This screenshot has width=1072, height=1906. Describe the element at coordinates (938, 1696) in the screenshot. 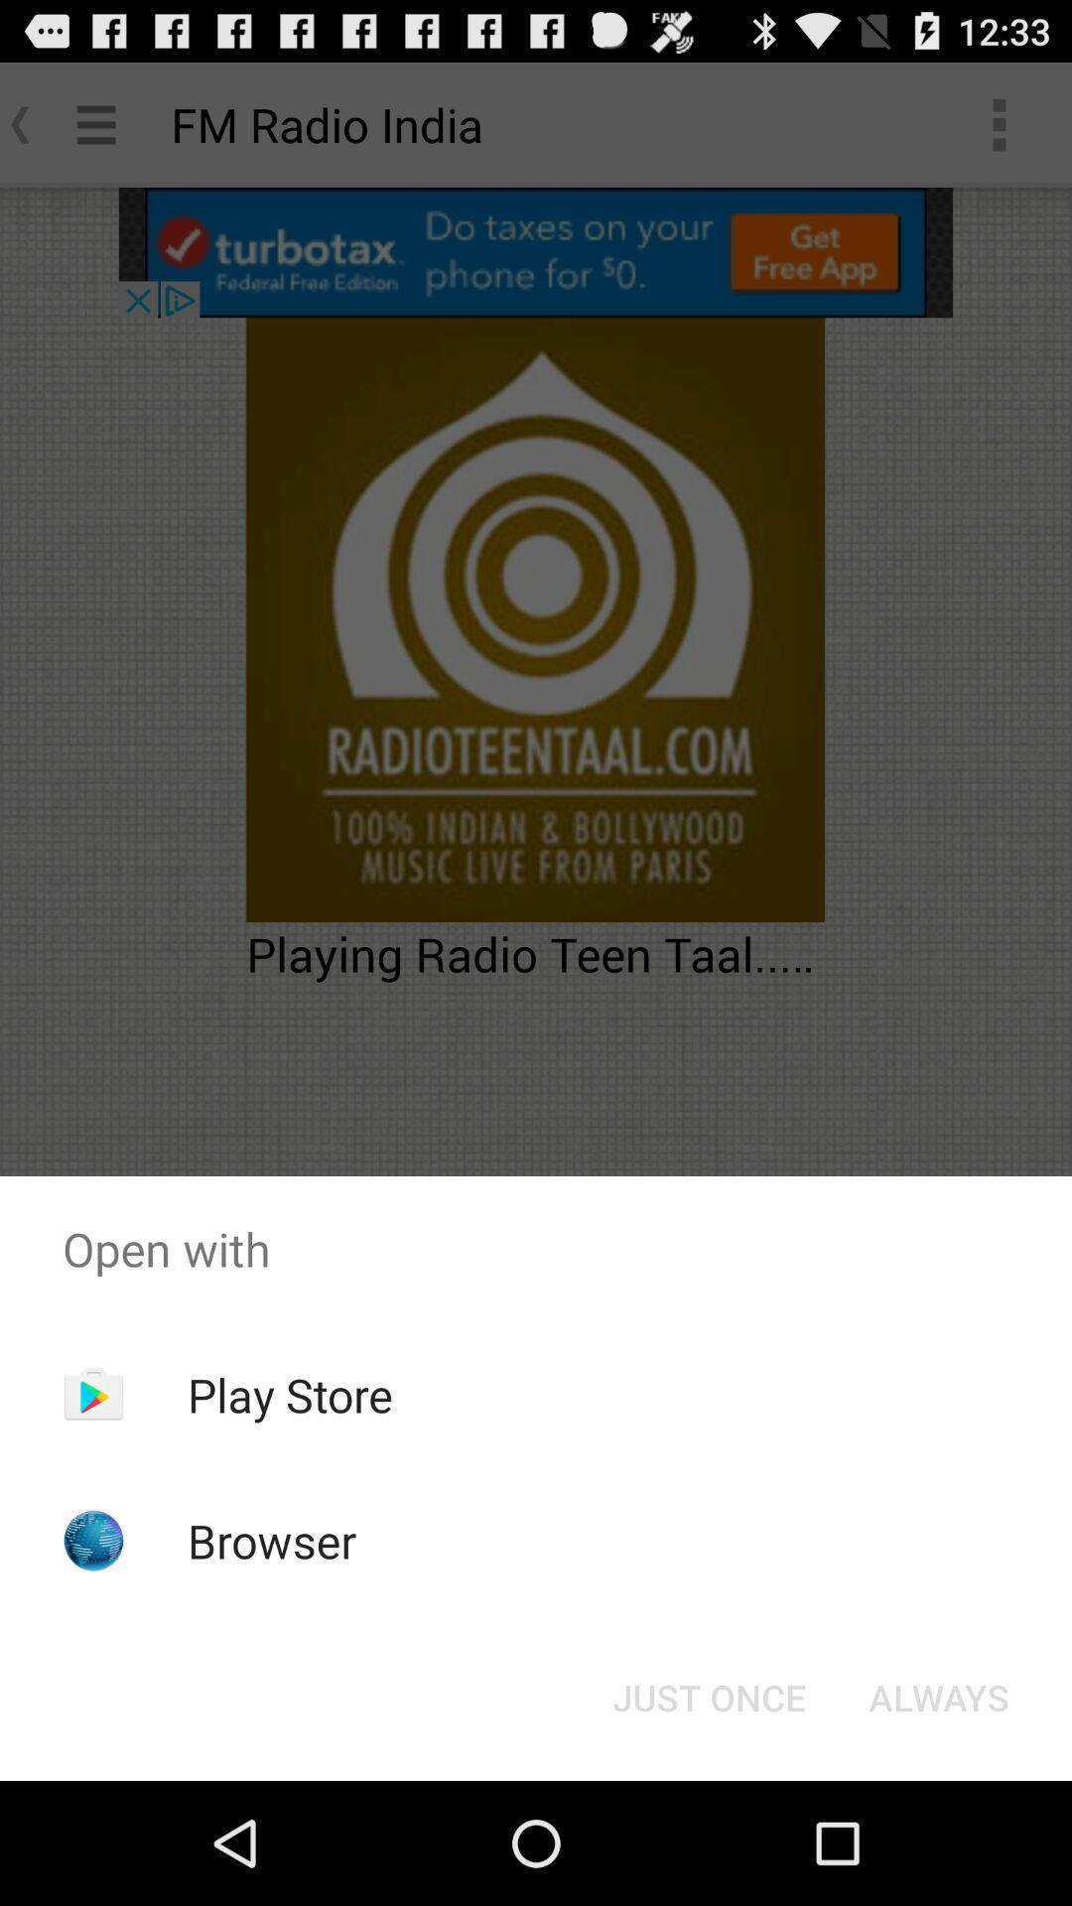

I see `the icon to the right of just once item` at that location.